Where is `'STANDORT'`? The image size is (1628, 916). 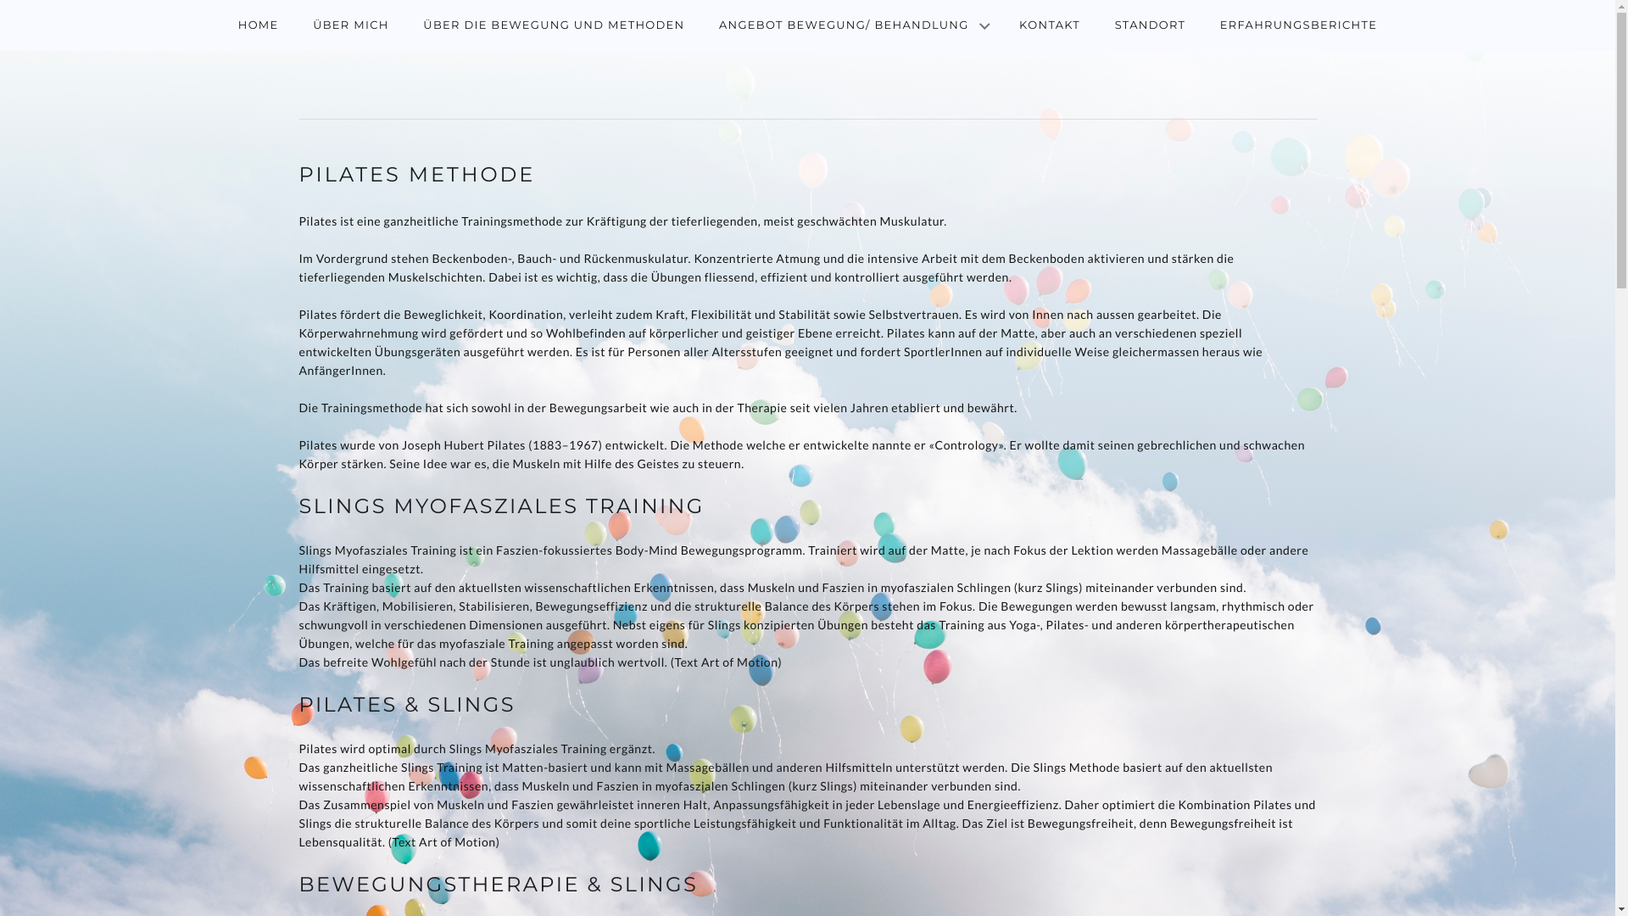
'STANDORT' is located at coordinates (1098, 25).